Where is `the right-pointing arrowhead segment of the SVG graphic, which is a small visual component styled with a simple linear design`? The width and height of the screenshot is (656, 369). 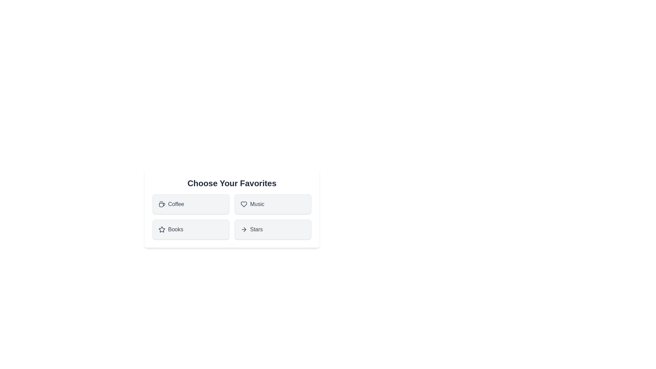
the right-pointing arrowhead segment of the SVG graphic, which is a small visual component styled with a simple linear design is located at coordinates (245, 229).